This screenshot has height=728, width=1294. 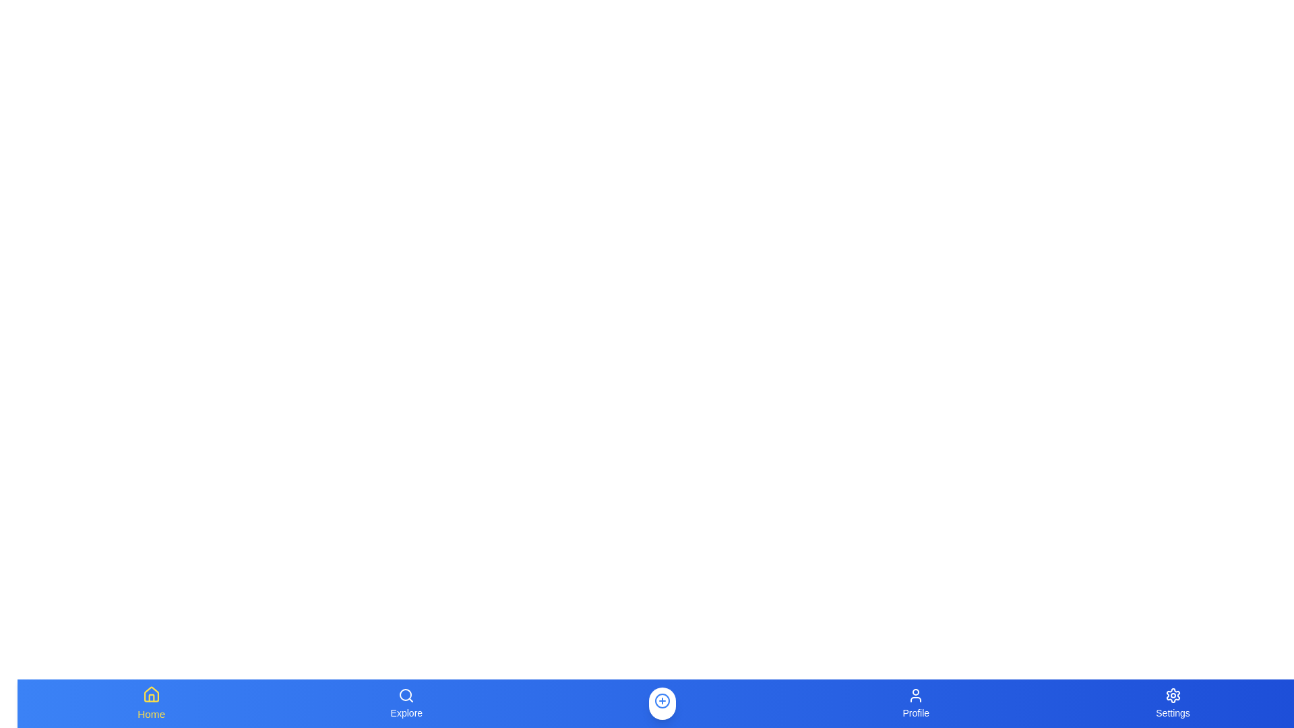 I want to click on the Create button in the navigation bar to navigate to the corresponding section, so click(x=663, y=703).